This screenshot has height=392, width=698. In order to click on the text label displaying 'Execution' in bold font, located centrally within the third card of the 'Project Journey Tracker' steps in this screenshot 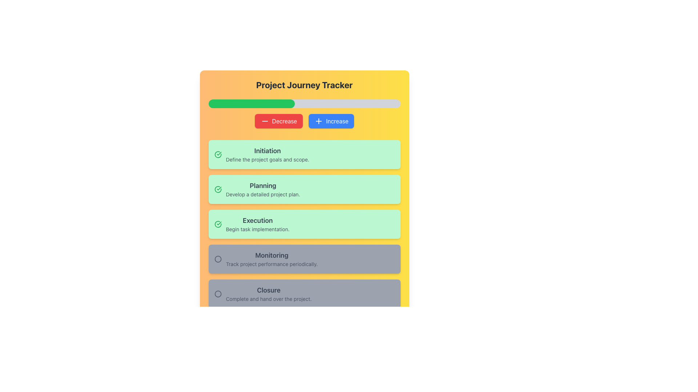, I will do `click(258, 220)`.